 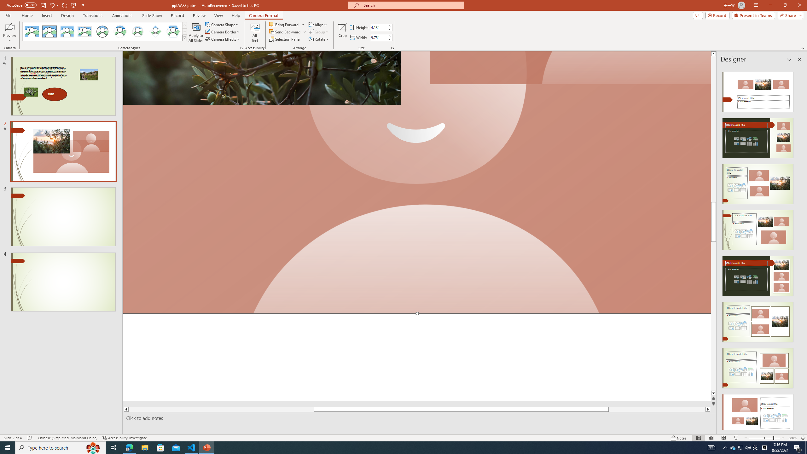 I want to click on 'Soft Edge Rectangle', so click(x=84, y=31).